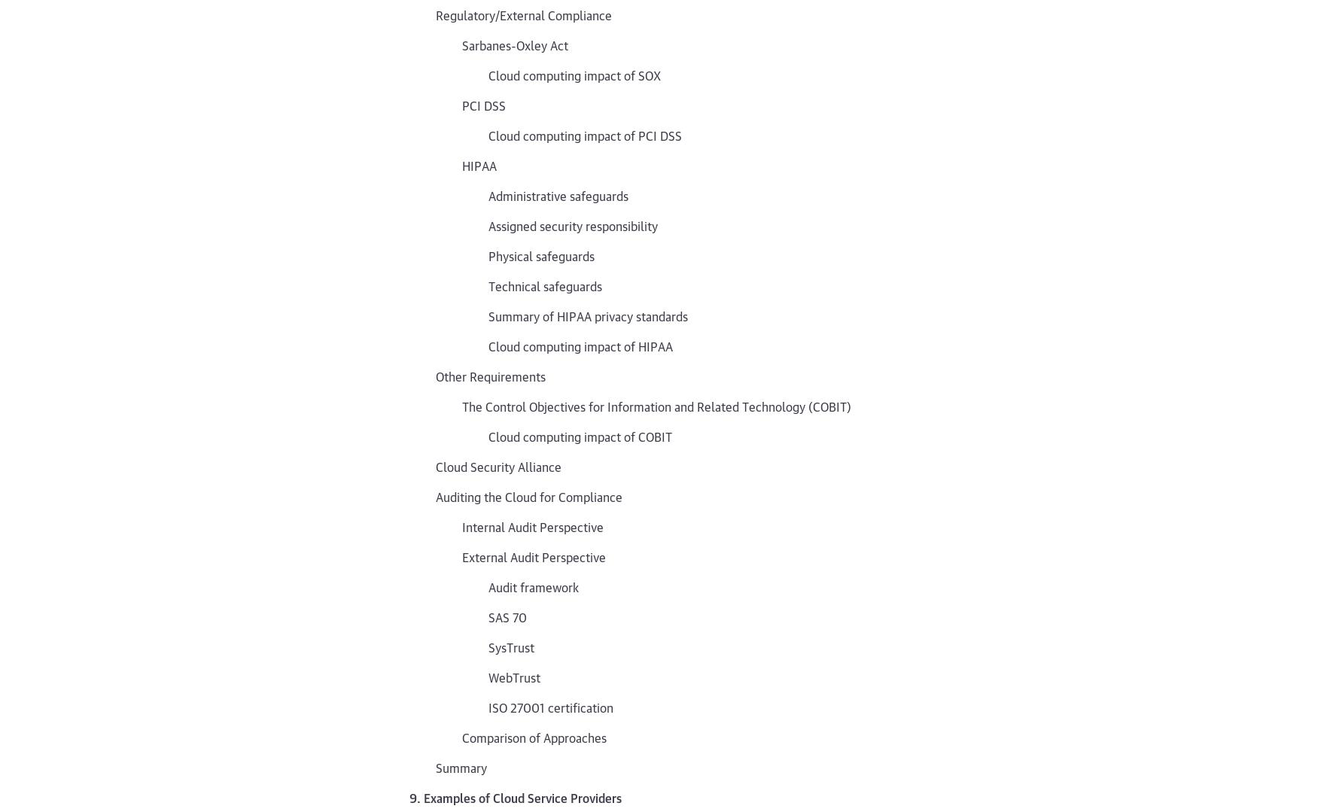 The width and height of the screenshot is (1342, 812). Describe the element at coordinates (462, 525) in the screenshot. I see `'Internal Audit Perspective'` at that location.